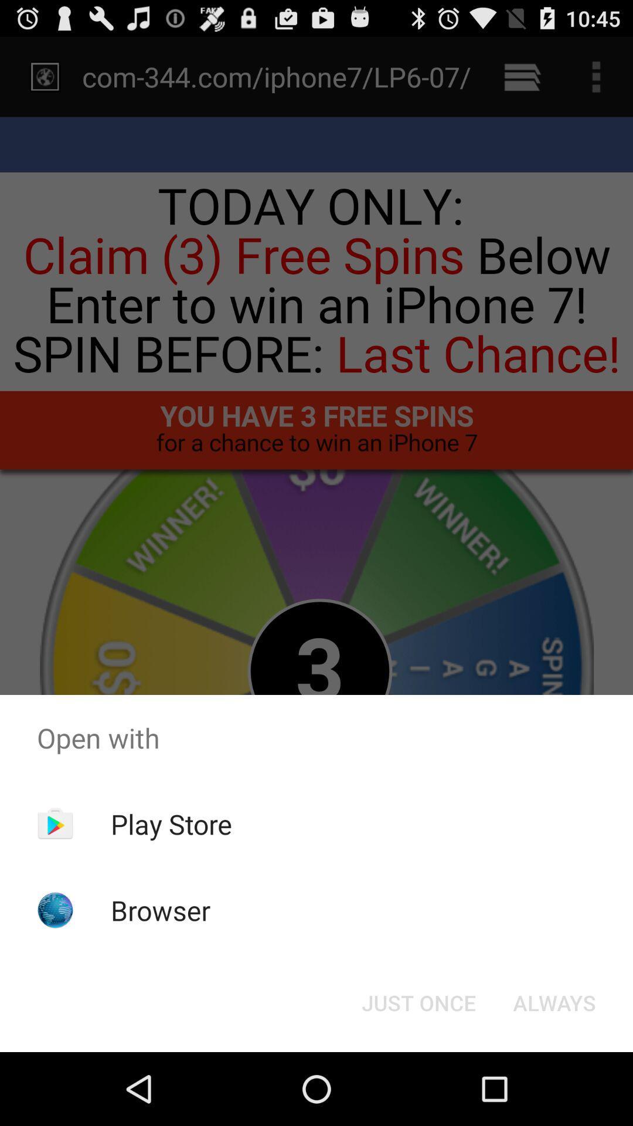 Image resolution: width=633 pixels, height=1126 pixels. What do you see at coordinates (171, 823) in the screenshot?
I see `play store app` at bounding box center [171, 823].